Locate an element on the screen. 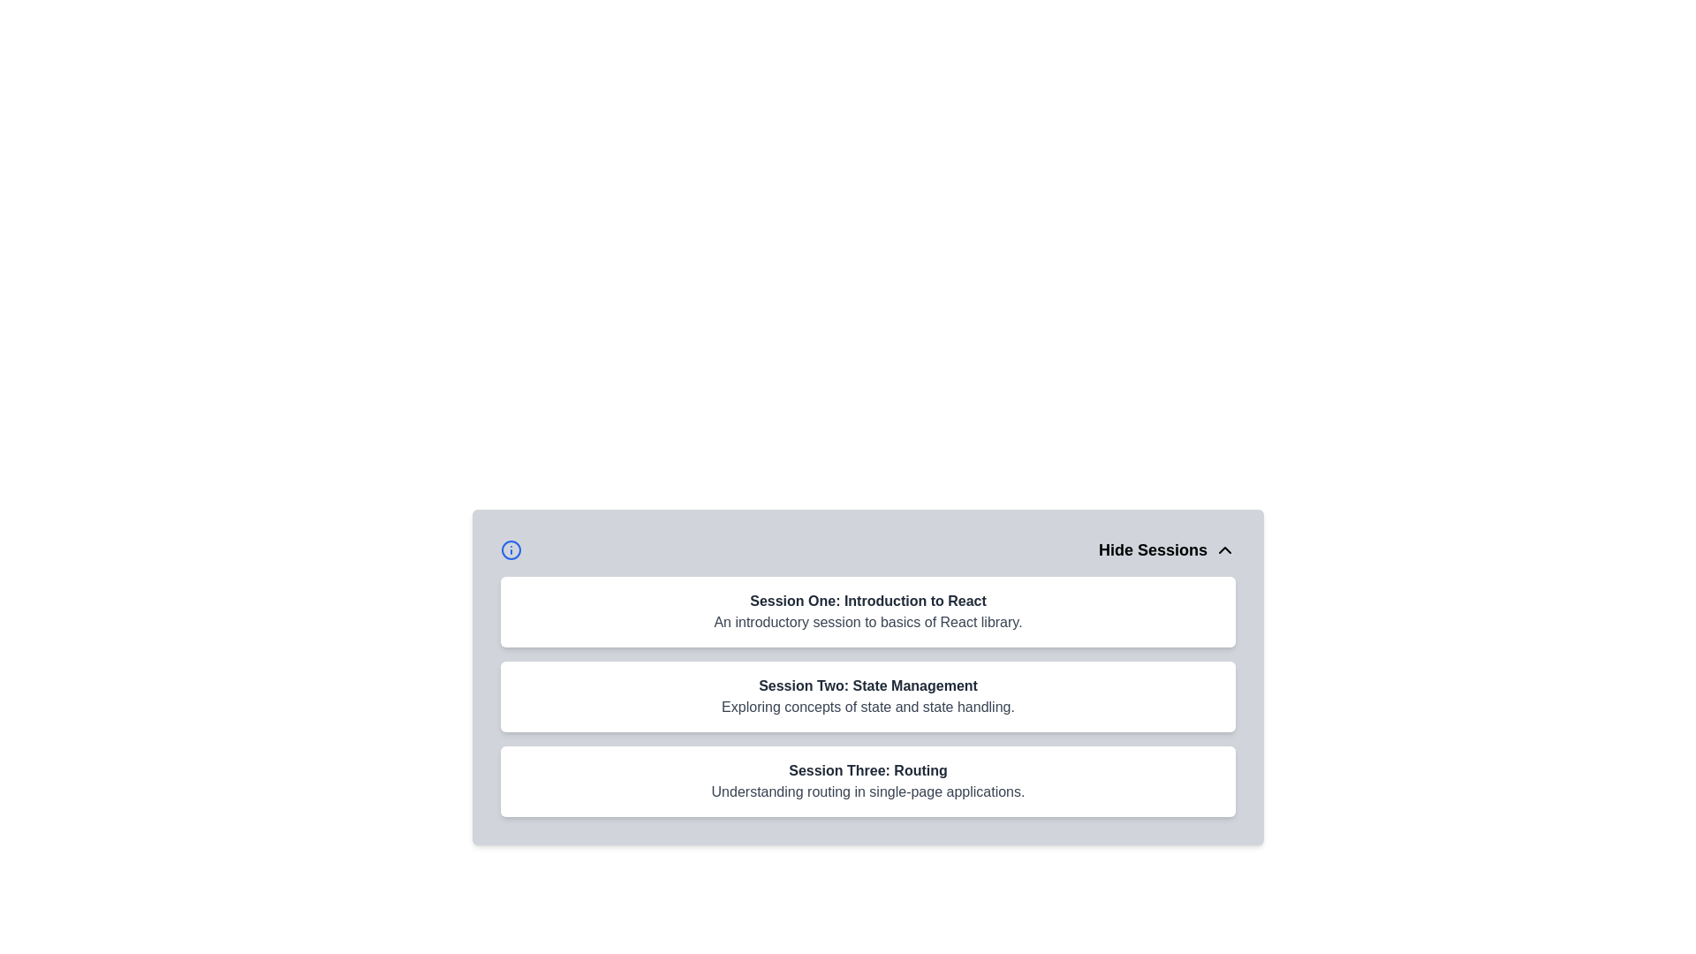 The image size is (1696, 954). the 'Hide Sessions' button-like text label with an upward chevron icon is located at coordinates (1167, 549).